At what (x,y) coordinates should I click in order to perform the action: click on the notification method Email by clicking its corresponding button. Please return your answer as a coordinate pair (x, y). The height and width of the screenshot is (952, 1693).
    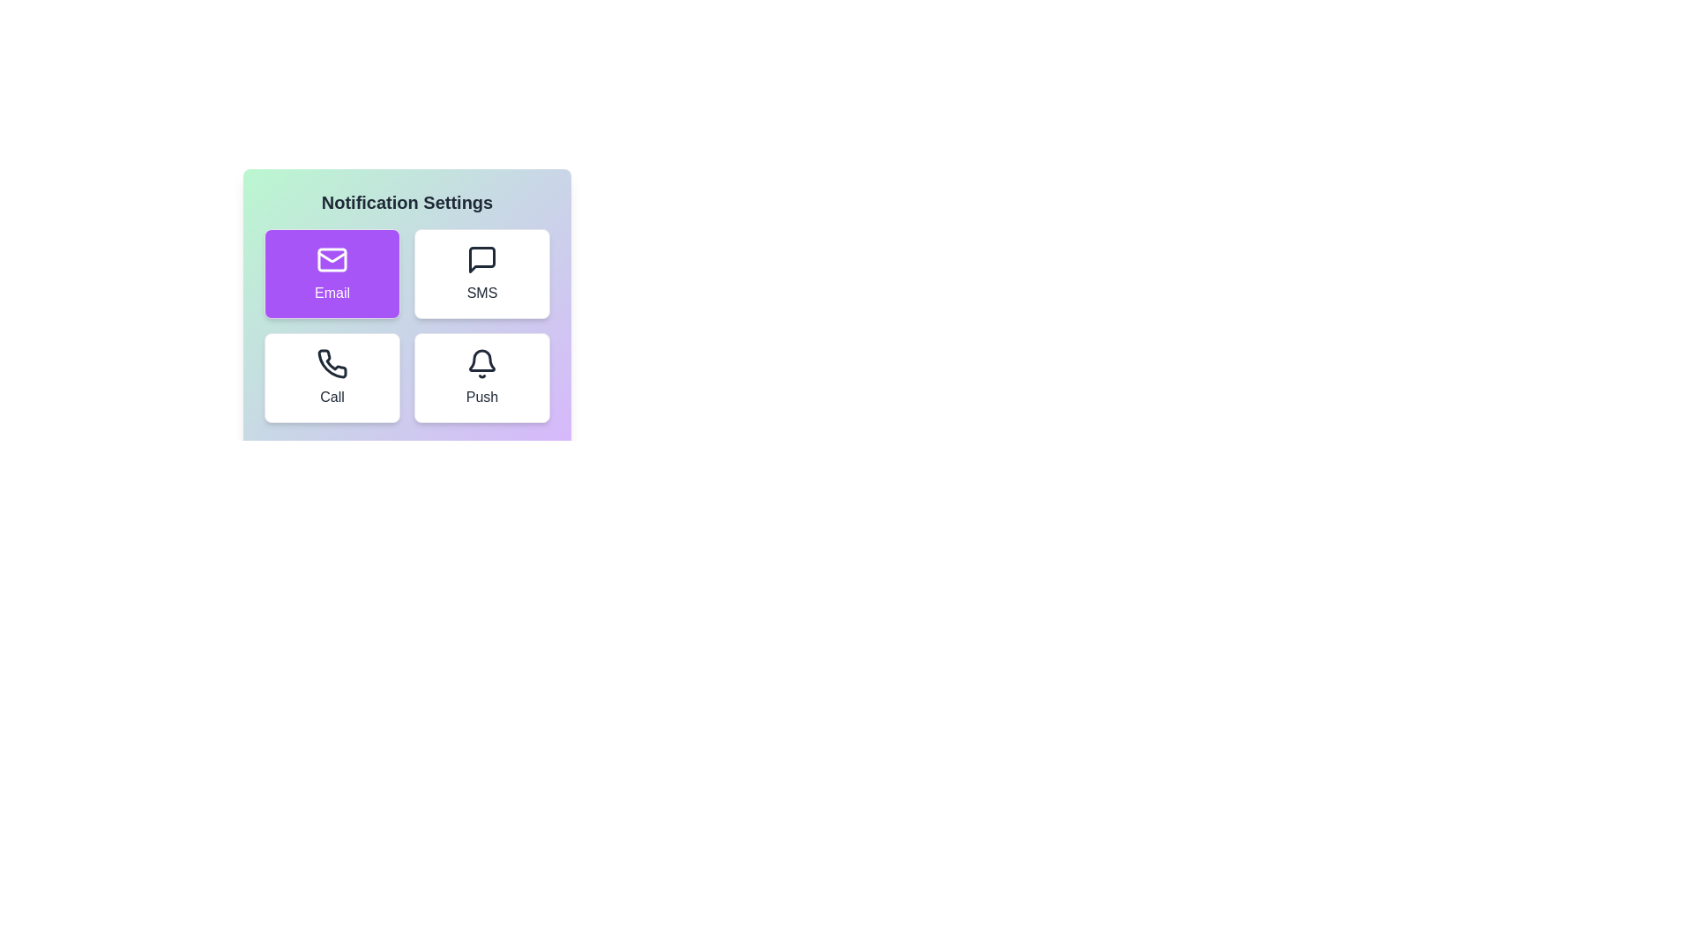
    Looking at the image, I should click on (332, 274).